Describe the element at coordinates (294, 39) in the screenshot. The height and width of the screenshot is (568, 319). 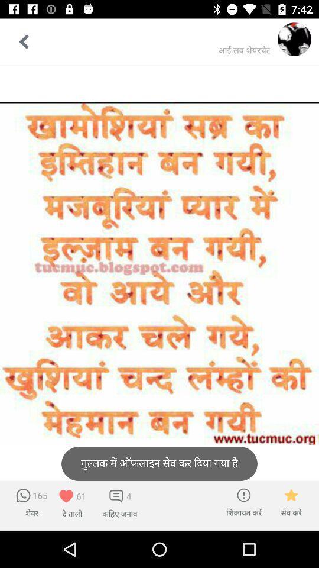
I see `the avatar icon` at that location.